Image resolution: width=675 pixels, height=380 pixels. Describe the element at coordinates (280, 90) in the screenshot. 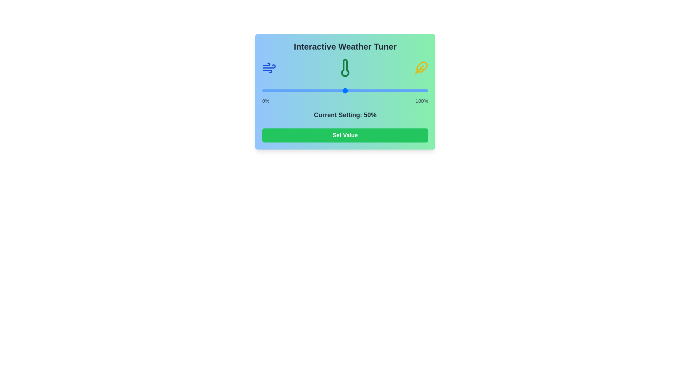

I see `the slider to set its value to 11%` at that location.